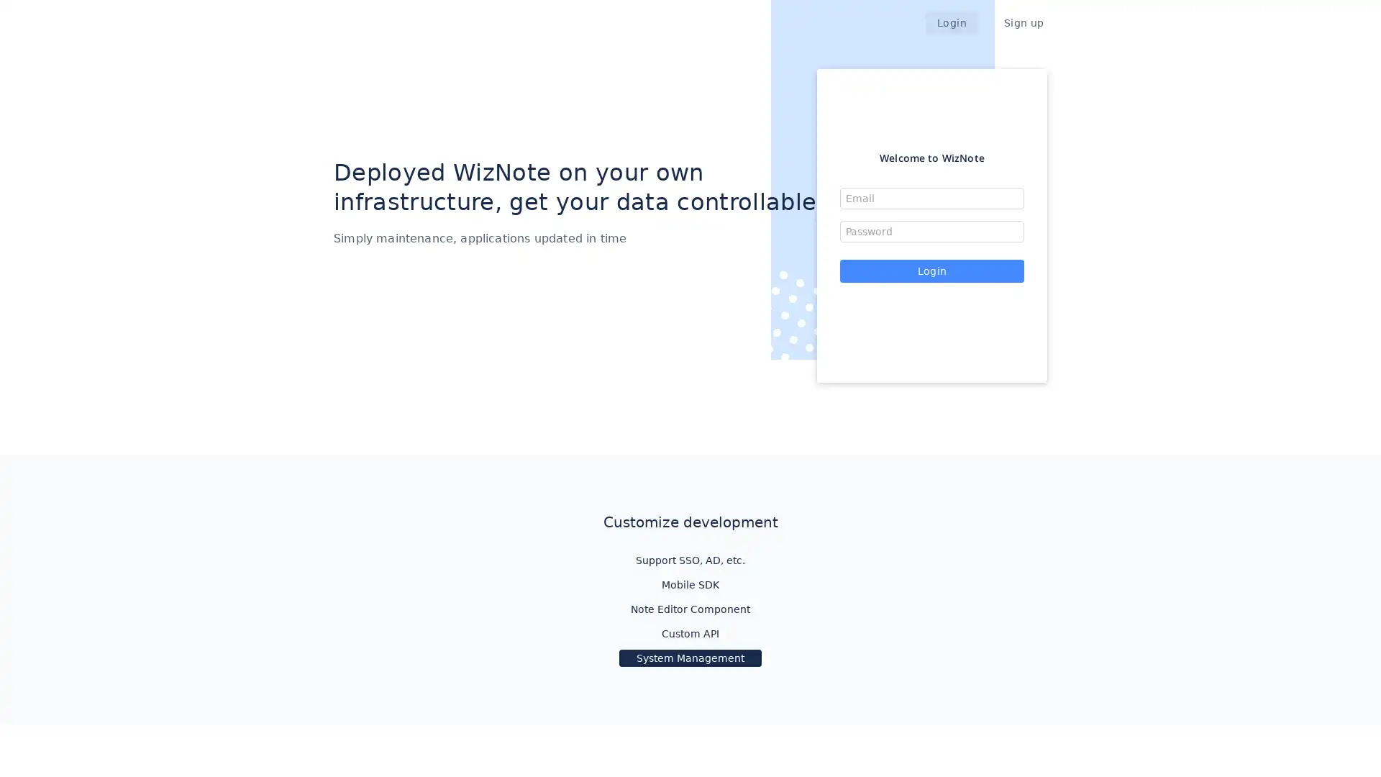  What do you see at coordinates (952, 22) in the screenshot?
I see `Login` at bounding box center [952, 22].